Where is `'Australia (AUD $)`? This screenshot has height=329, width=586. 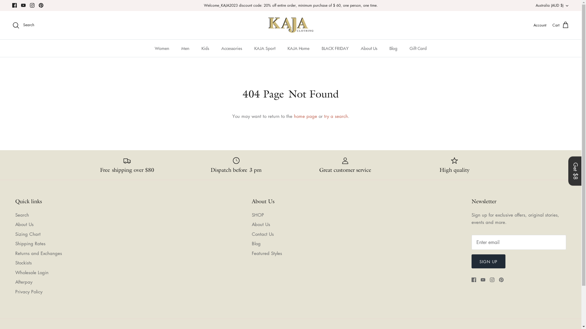
'Australia (AUD $) is located at coordinates (552, 5).